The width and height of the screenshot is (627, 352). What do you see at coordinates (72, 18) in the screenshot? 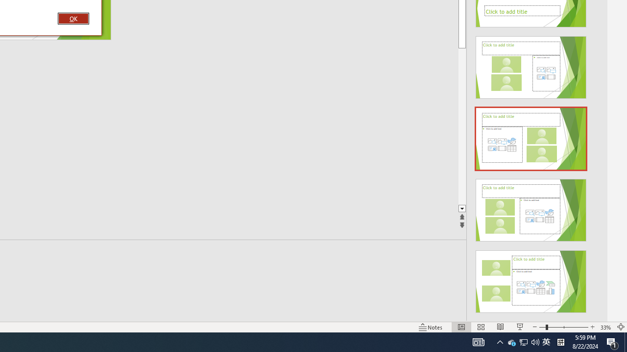
I see `'OK'` at bounding box center [72, 18].